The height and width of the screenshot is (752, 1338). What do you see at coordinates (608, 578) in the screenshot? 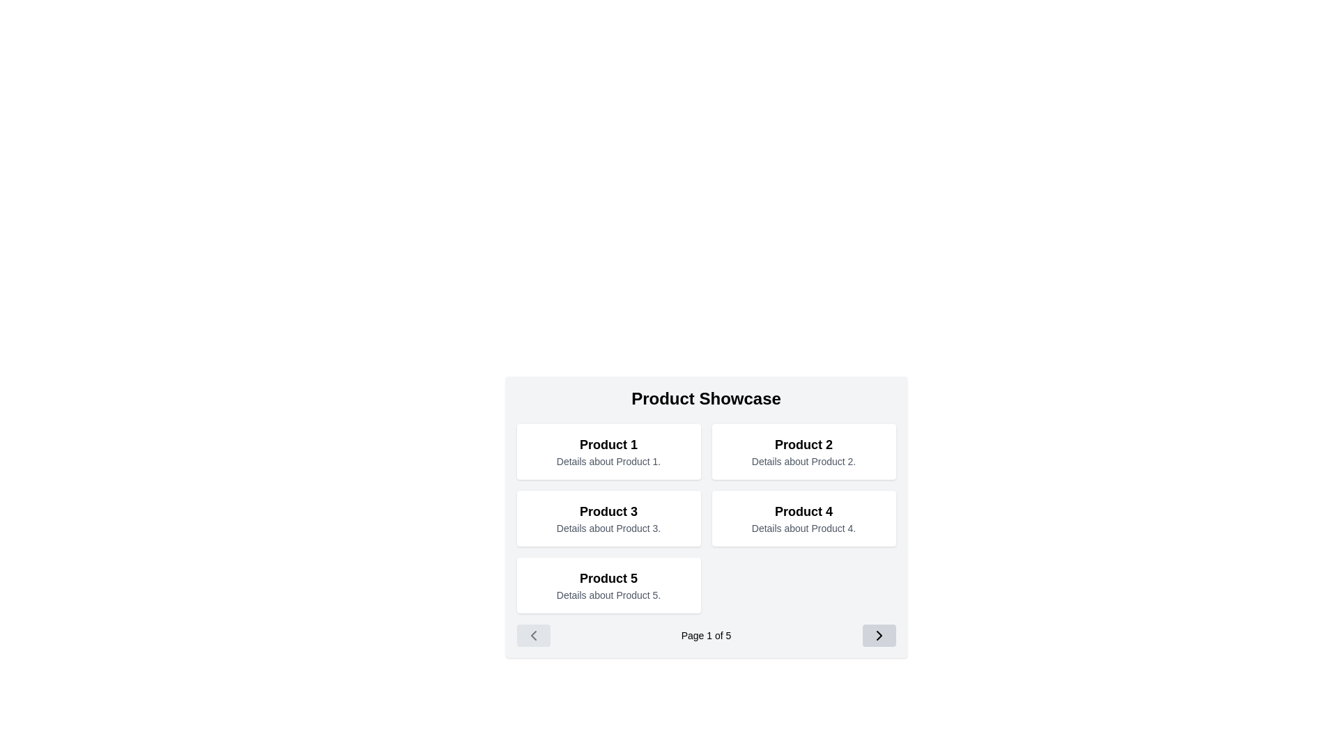
I see `the Text label that serves as a title or heading for information about 'Product 5', positioned at the top of the box labeled 'Product 5'` at bounding box center [608, 578].